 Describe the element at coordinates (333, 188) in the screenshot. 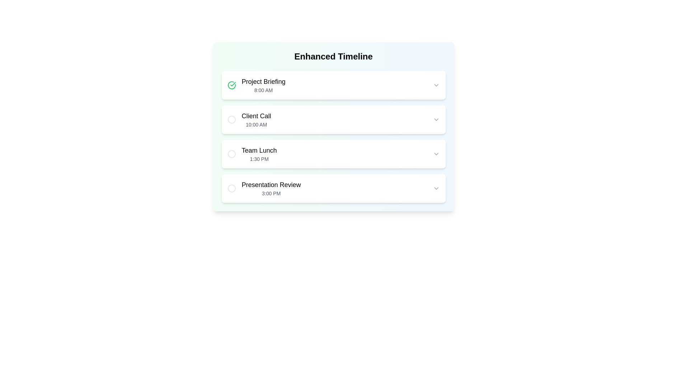

I see `the timeline list item containing 'Presentation Review'` at that location.